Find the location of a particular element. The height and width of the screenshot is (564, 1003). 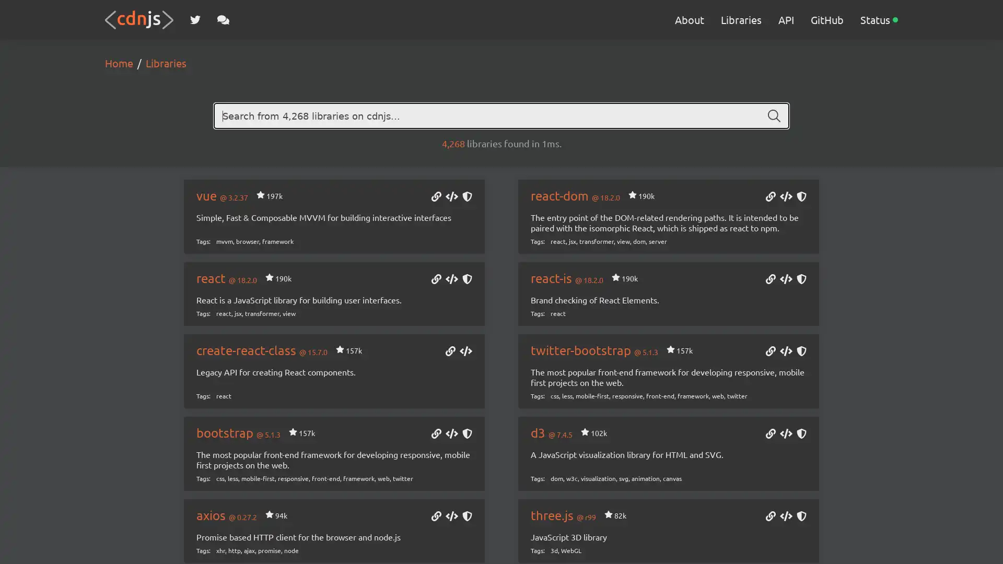

Copy Script Tag is located at coordinates (785, 279).